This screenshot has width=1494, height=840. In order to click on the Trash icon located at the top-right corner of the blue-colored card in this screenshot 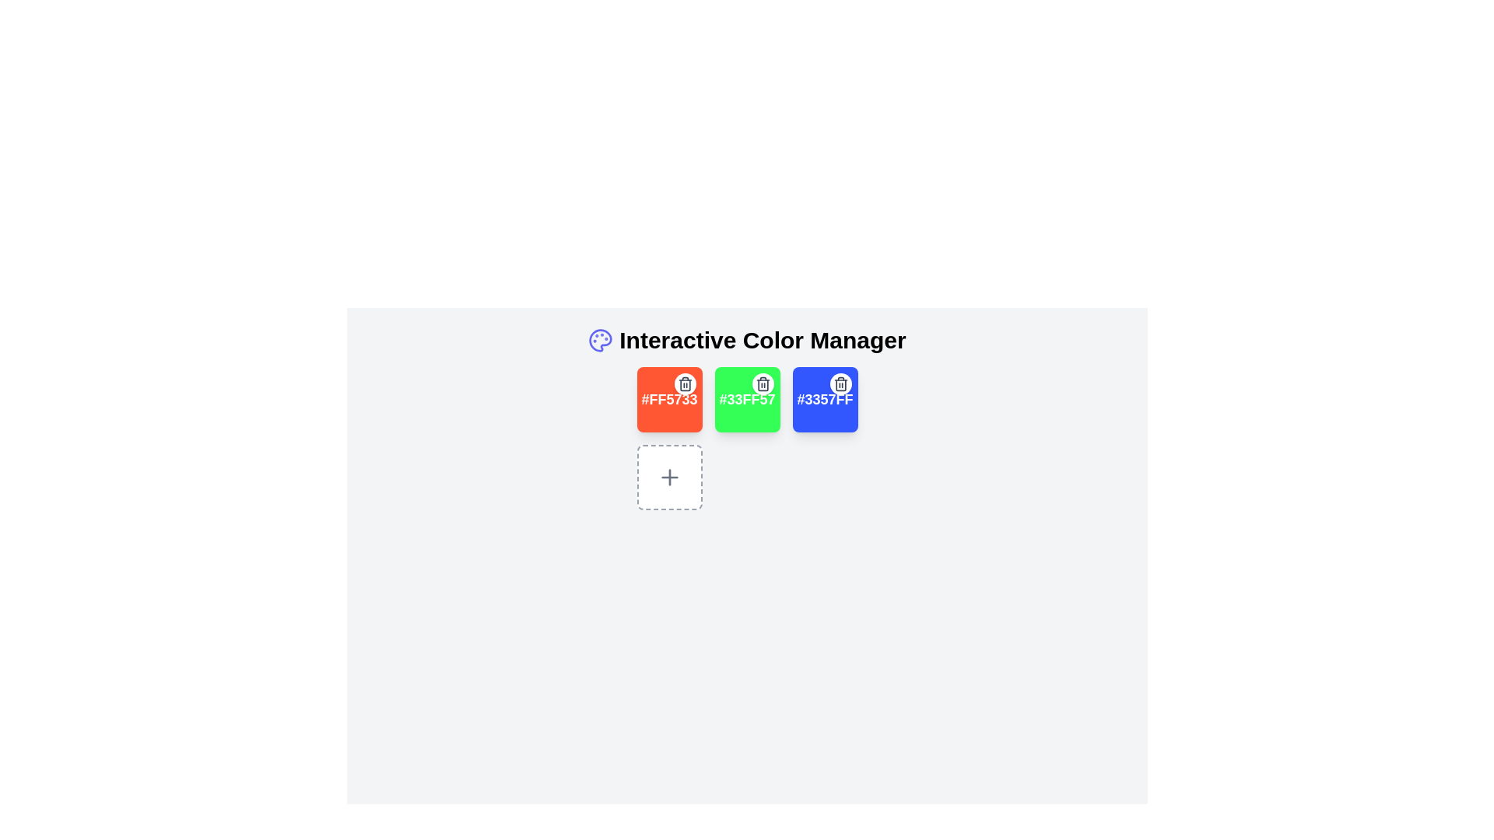, I will do `click(840, 383)`.